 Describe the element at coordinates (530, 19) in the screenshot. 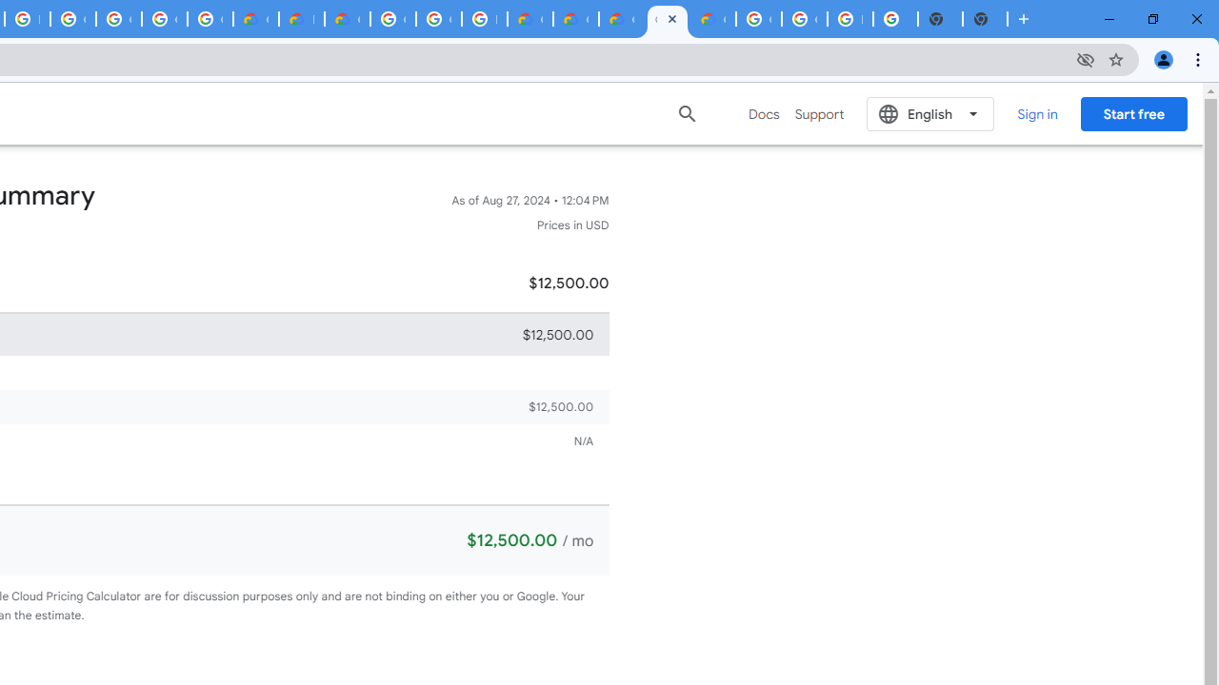

I see `'Customer Care | Google Cloud'` at that location.